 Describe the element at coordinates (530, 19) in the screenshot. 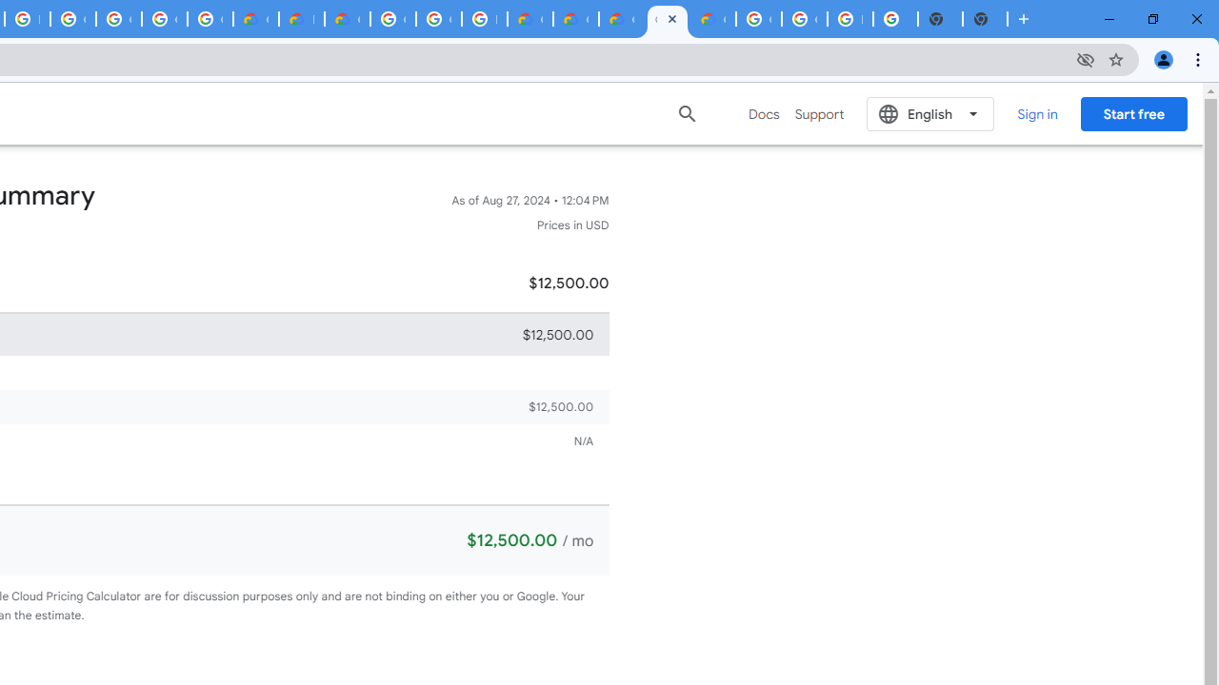

I see `'Customer Care | Google Cloud'` at that location.